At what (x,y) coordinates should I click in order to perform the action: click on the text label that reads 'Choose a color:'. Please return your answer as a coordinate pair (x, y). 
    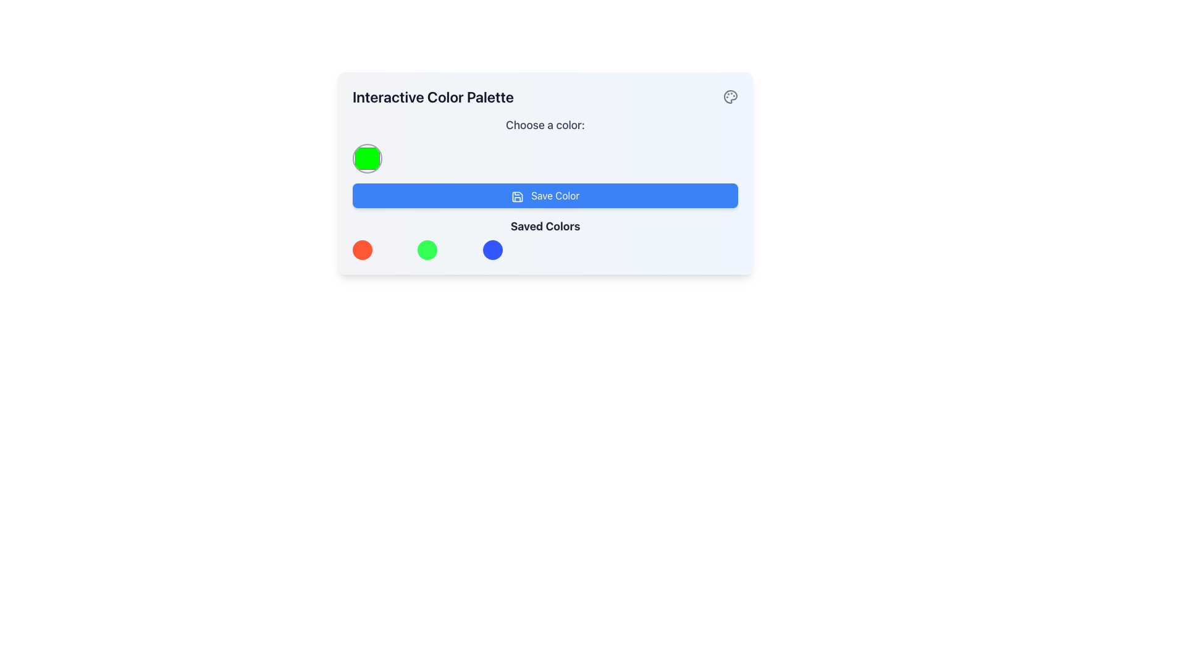
    Looking at the image, I should click on (545, 125).